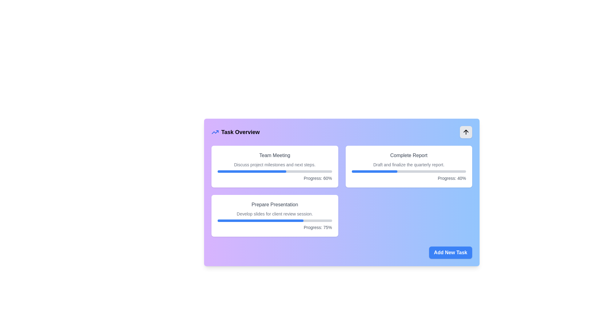 The image size is (591, 332). What do you see at coordinates (374, 172) in the screenshot?
I see `the horizontal blue progress bar indicating percentage completion, located in the top-right quadrant of the 'Complete Report' tile` at bounding box center [374, 172].